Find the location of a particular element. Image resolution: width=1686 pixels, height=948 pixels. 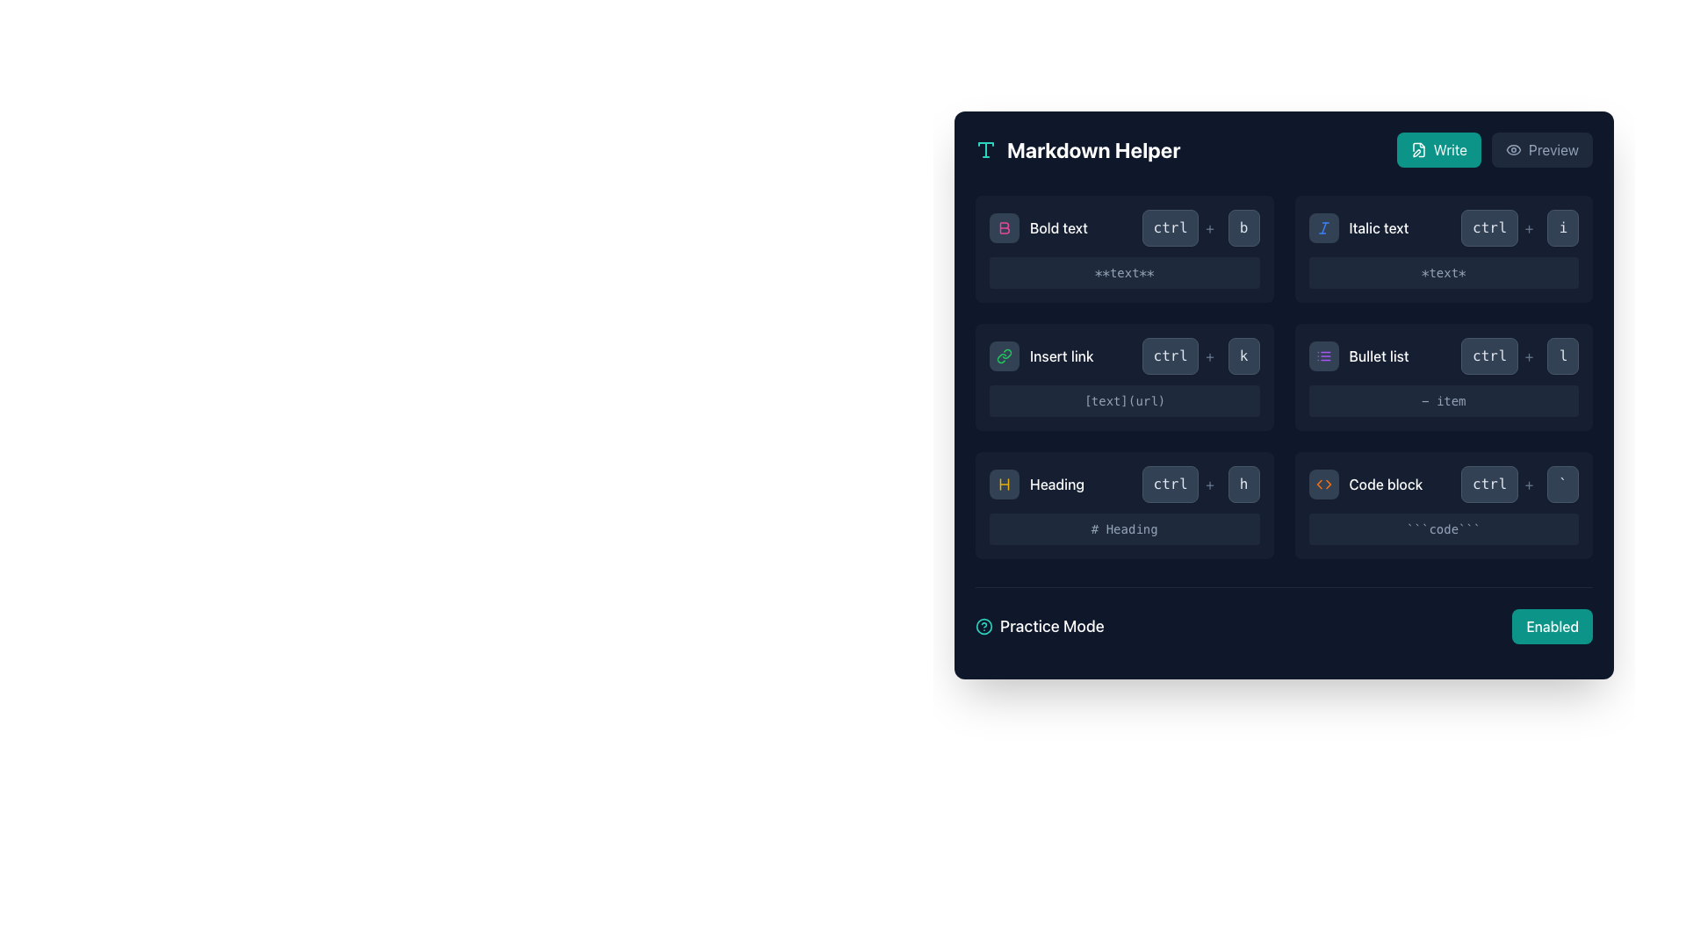

the 'Preview' button on the Button Group located in the upper-right corner of the 'Markdown Helper' card to switch to preview mode is located at coordinates (1494, 148).